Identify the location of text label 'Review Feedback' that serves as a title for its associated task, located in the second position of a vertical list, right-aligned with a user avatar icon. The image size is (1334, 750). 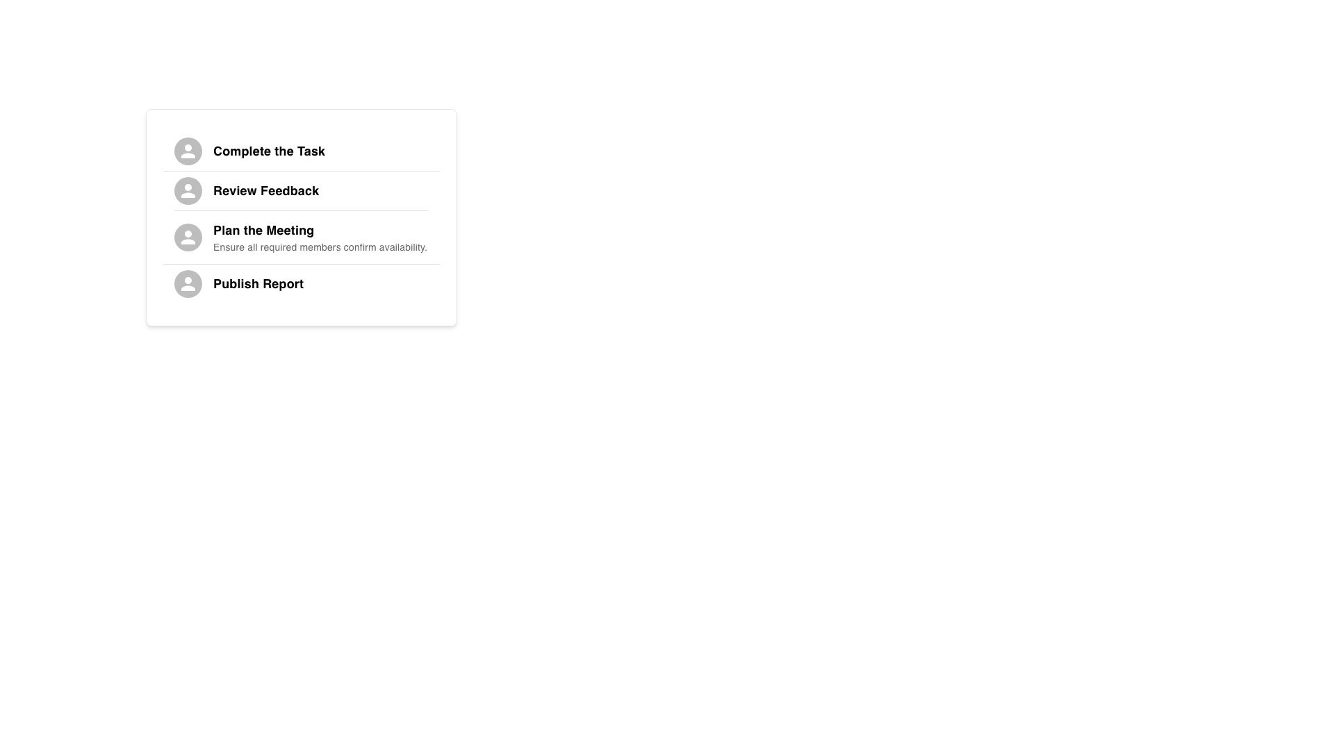
(266, 190).